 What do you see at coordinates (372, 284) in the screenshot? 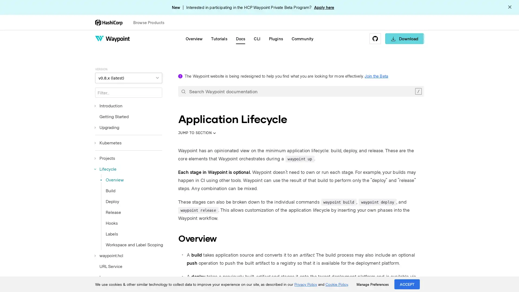
I see `Manage Preferences` at bounding box center [372, 284].